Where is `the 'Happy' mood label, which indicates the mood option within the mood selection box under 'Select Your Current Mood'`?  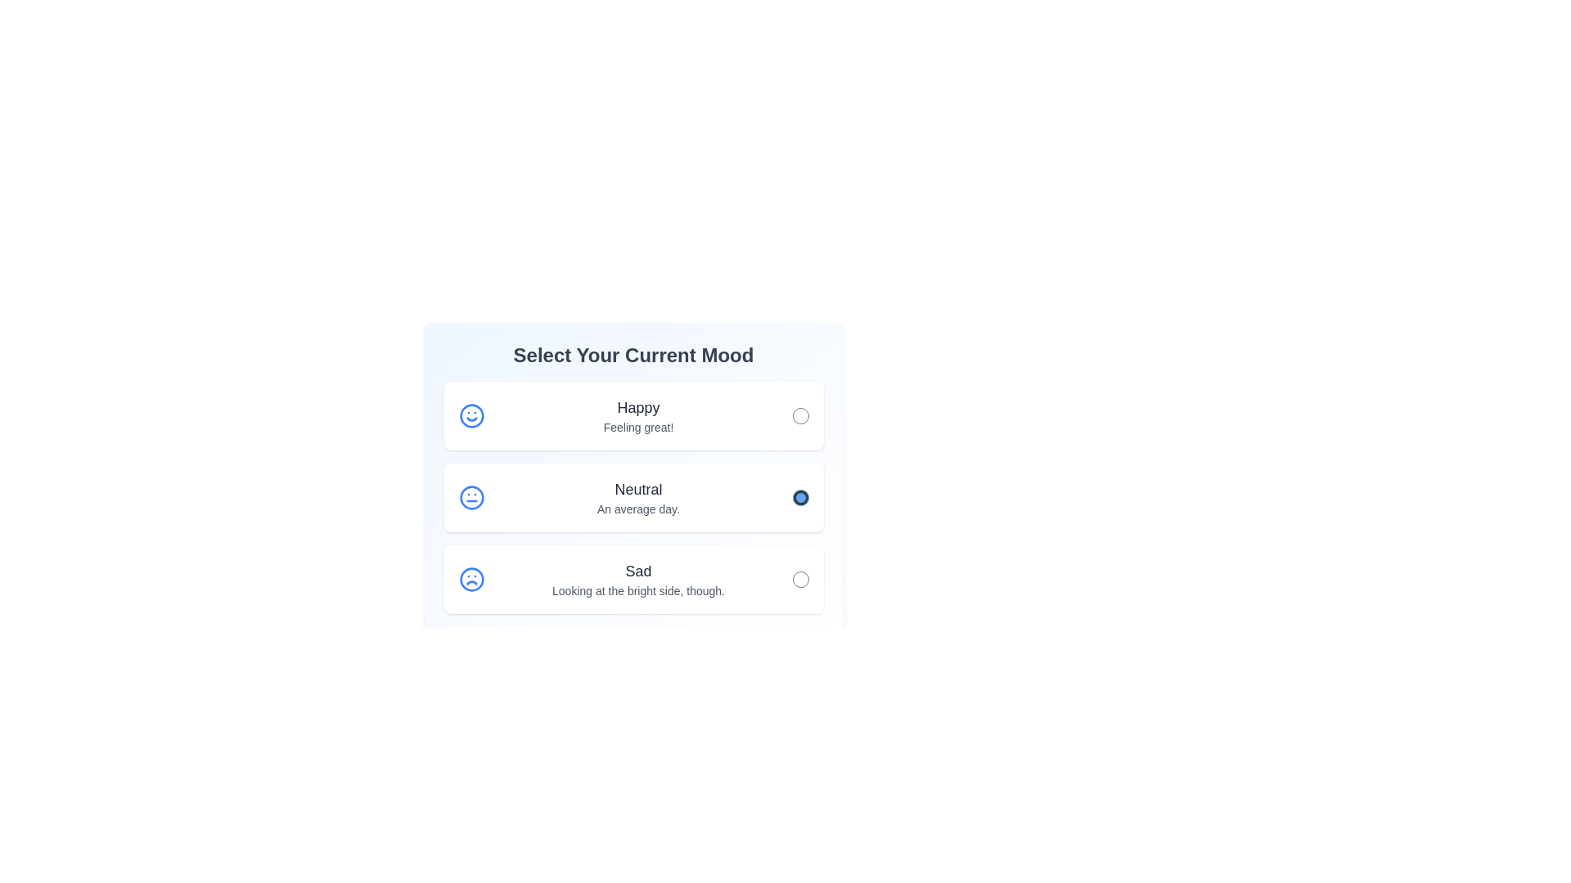 the 'Happy' mood label, which indicates the mood option within the mood selection box under 'Select Your Current Mood' is located at coordinates (637, 406).